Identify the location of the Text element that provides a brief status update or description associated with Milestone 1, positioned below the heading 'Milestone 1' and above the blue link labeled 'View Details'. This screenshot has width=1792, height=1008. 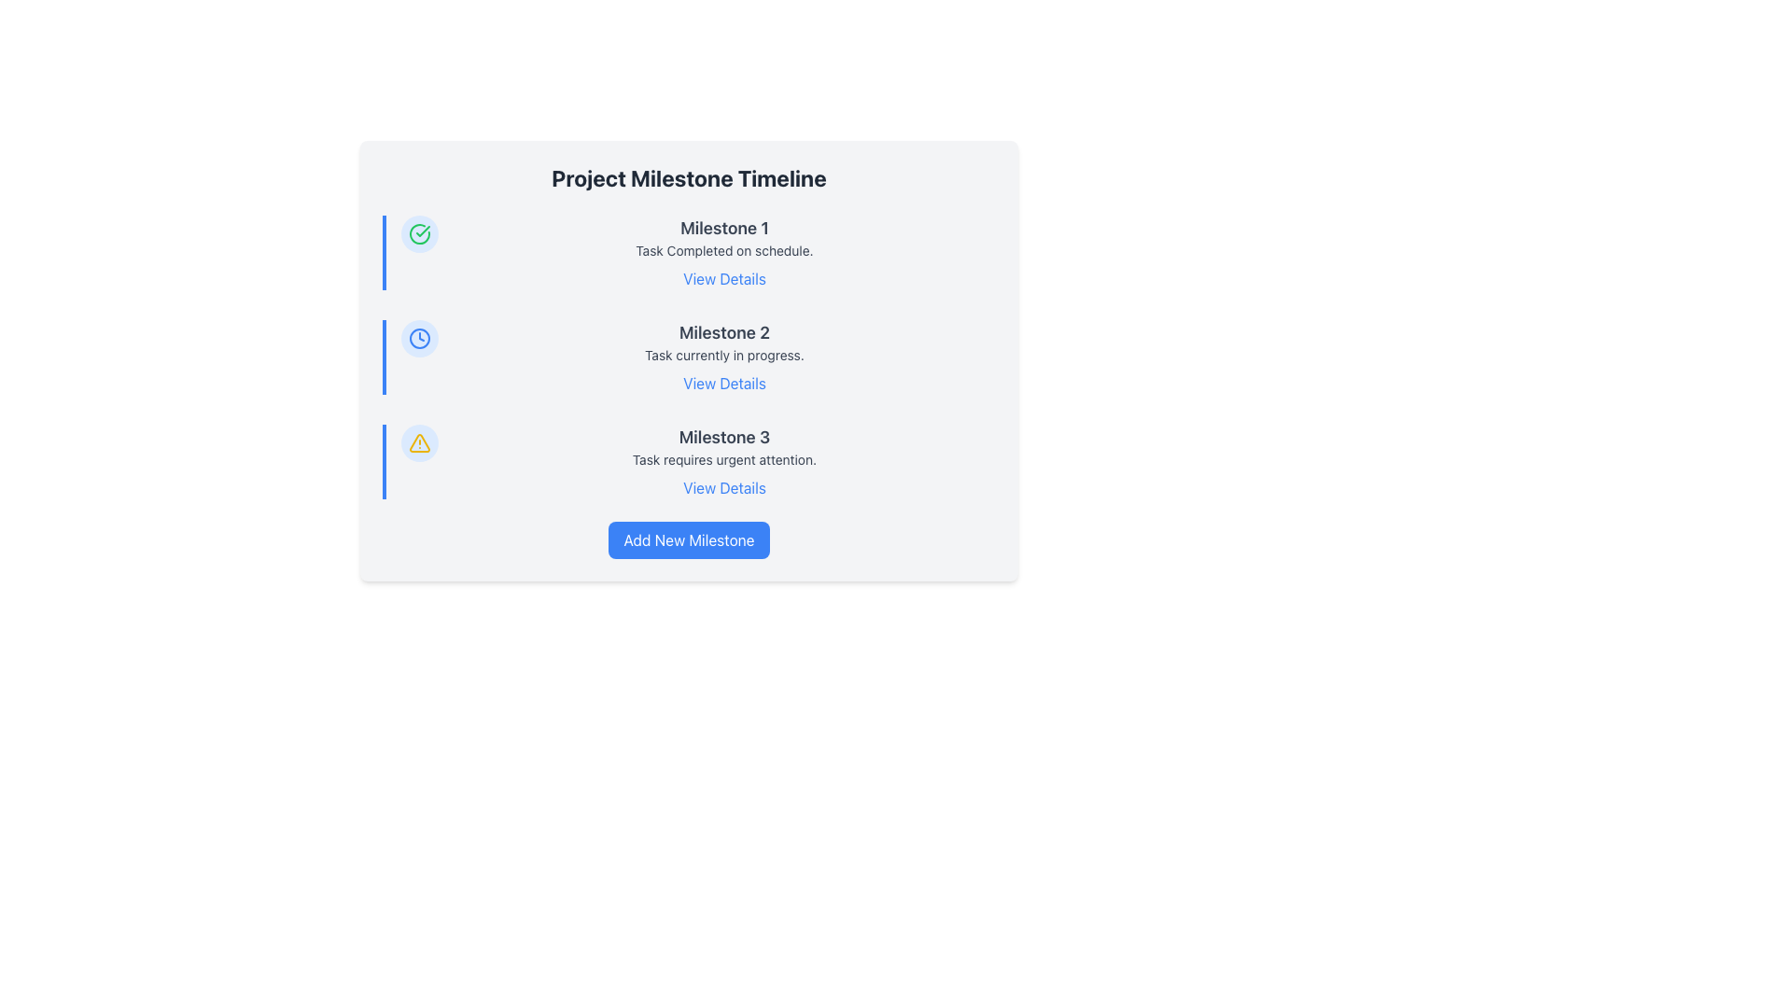
(723, 250).